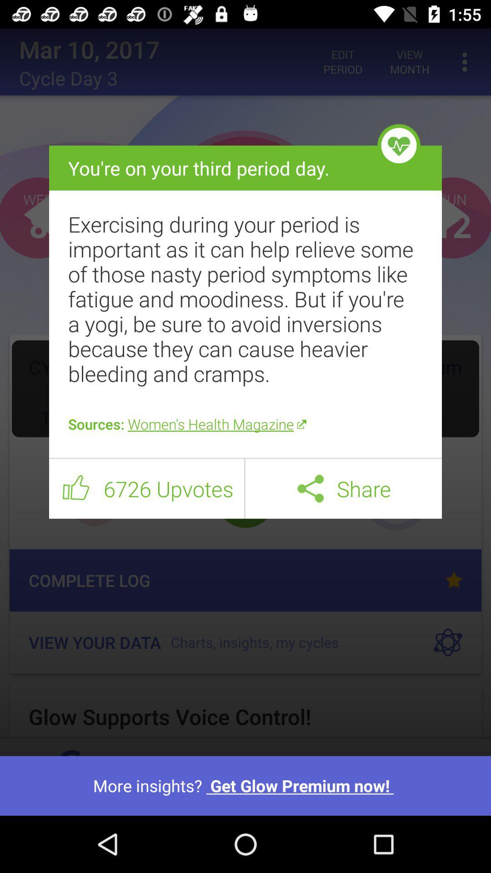 Image resolution: width=491 pixels, height=873 pixels. What do you see at coordinates (168, 488) in the screenshot?
I see `the 6726 upvotes icon` at bounding box center [168, 488].